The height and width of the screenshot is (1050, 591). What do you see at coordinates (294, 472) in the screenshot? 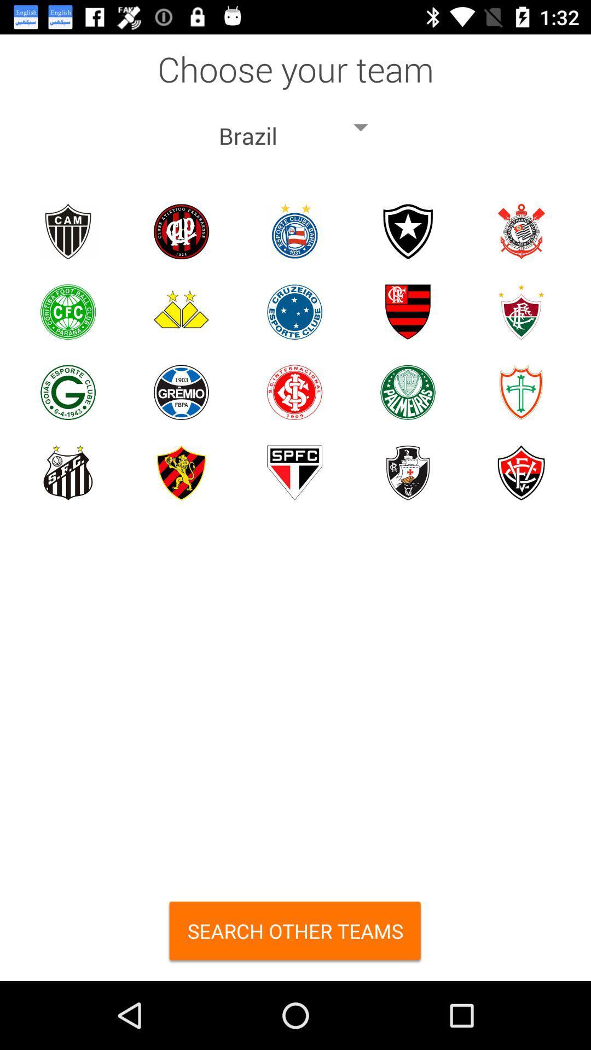
I see `so paulo futebol clube` at bounding box center [294, 472].